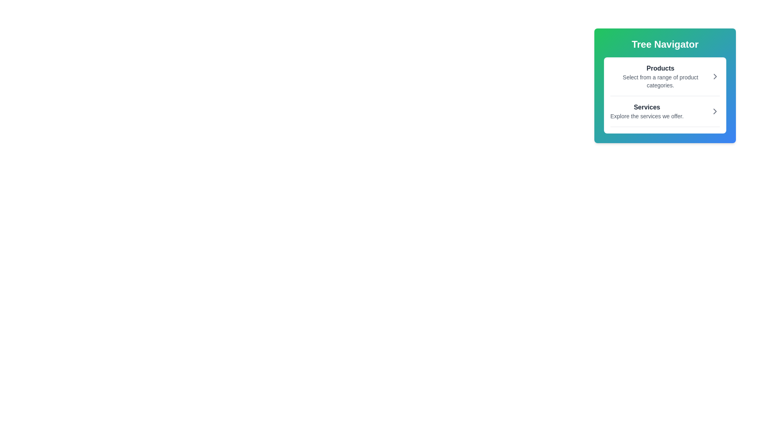 The width and height of the screenshot is (770, 433). Describe the element at coordinates (665, 77) in the screenshot. I see `the first navigational link in the 'Tree Navigator' box` at that location.